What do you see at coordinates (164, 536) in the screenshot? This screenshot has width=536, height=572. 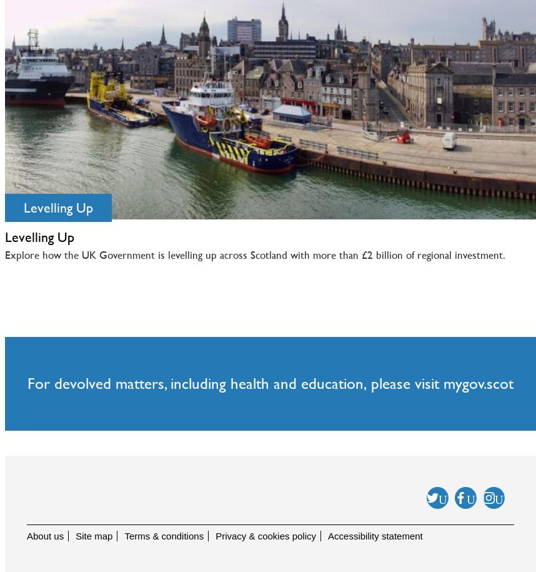 I see `'Terms & conditions'` at bounding box center [164, 536].